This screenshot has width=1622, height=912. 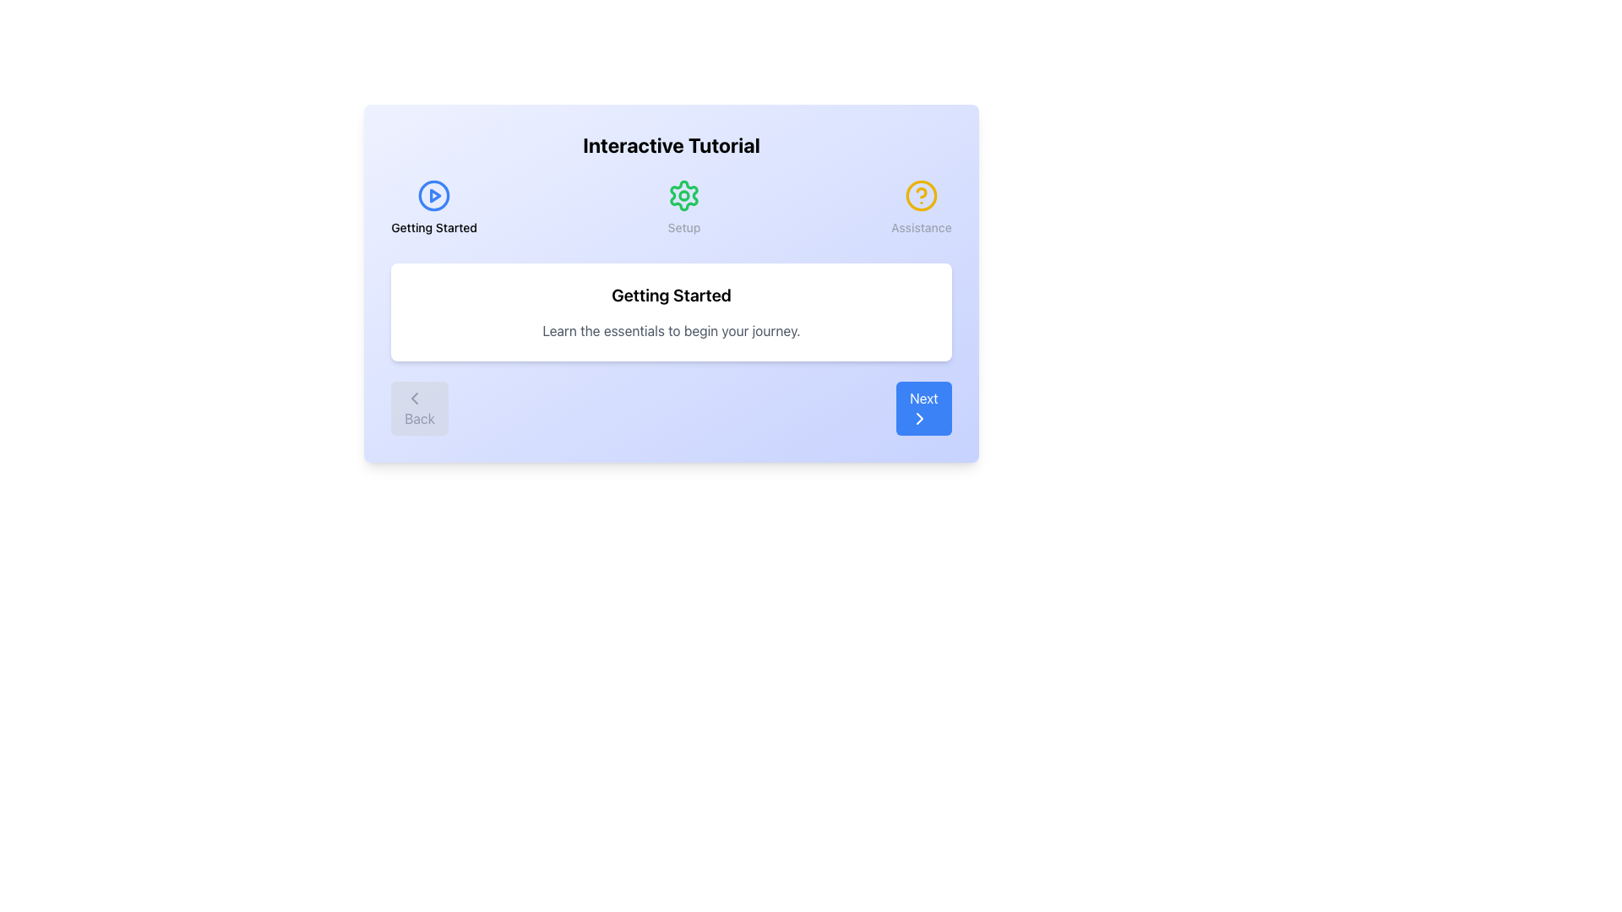 What do you see at coordinates (919, 418) in the screenshot?
I see `the chevron icon within the 'Next' button located at the bottom-right corner of the interface, which visually indicates progression to the next step` at bounding box center [919, 418].